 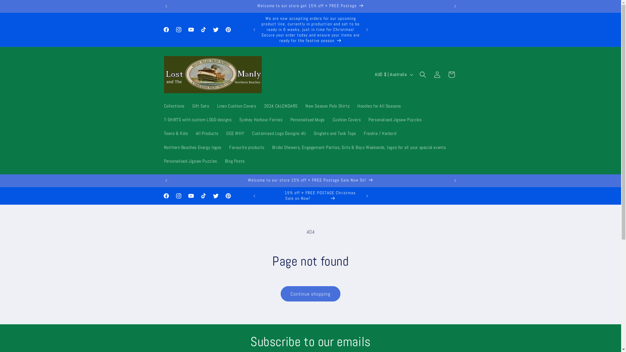 I want to click on '2024 CALENDARS', so click(x=281, y=105).